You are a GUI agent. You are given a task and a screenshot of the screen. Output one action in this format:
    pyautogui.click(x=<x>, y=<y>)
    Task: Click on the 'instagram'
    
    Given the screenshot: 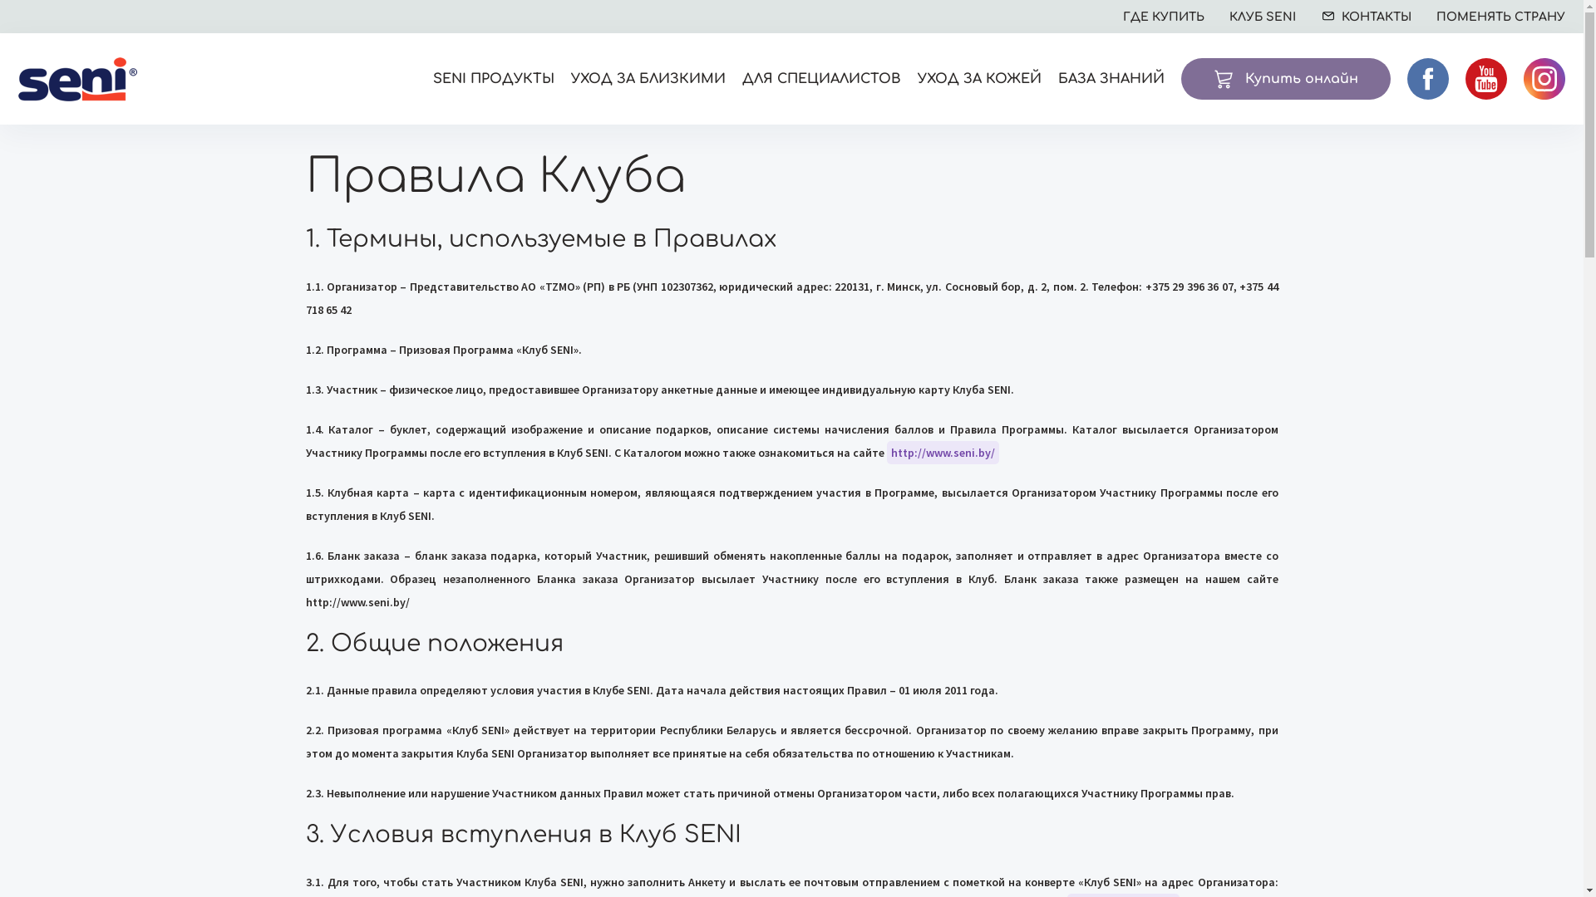 What is the action you would take?
    pyautogui.click(x=1524, y=79)
    